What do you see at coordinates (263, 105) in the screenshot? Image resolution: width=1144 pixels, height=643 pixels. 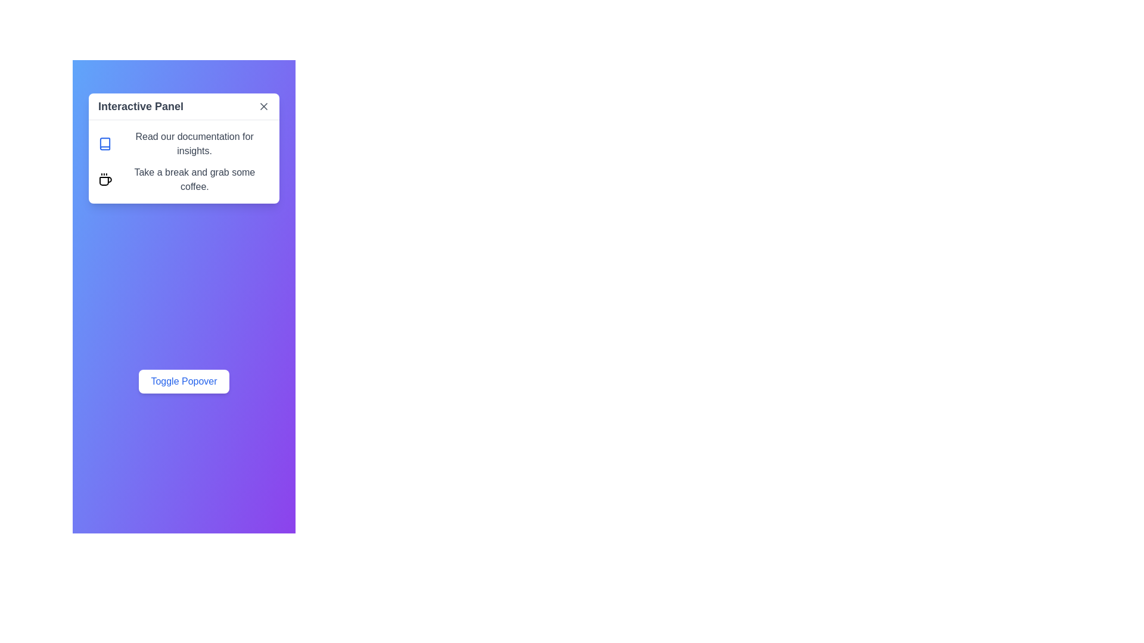 I see `the dismiss button located in the top right corner of the 'Interactive Panel'` at bounding box center [263, 105].